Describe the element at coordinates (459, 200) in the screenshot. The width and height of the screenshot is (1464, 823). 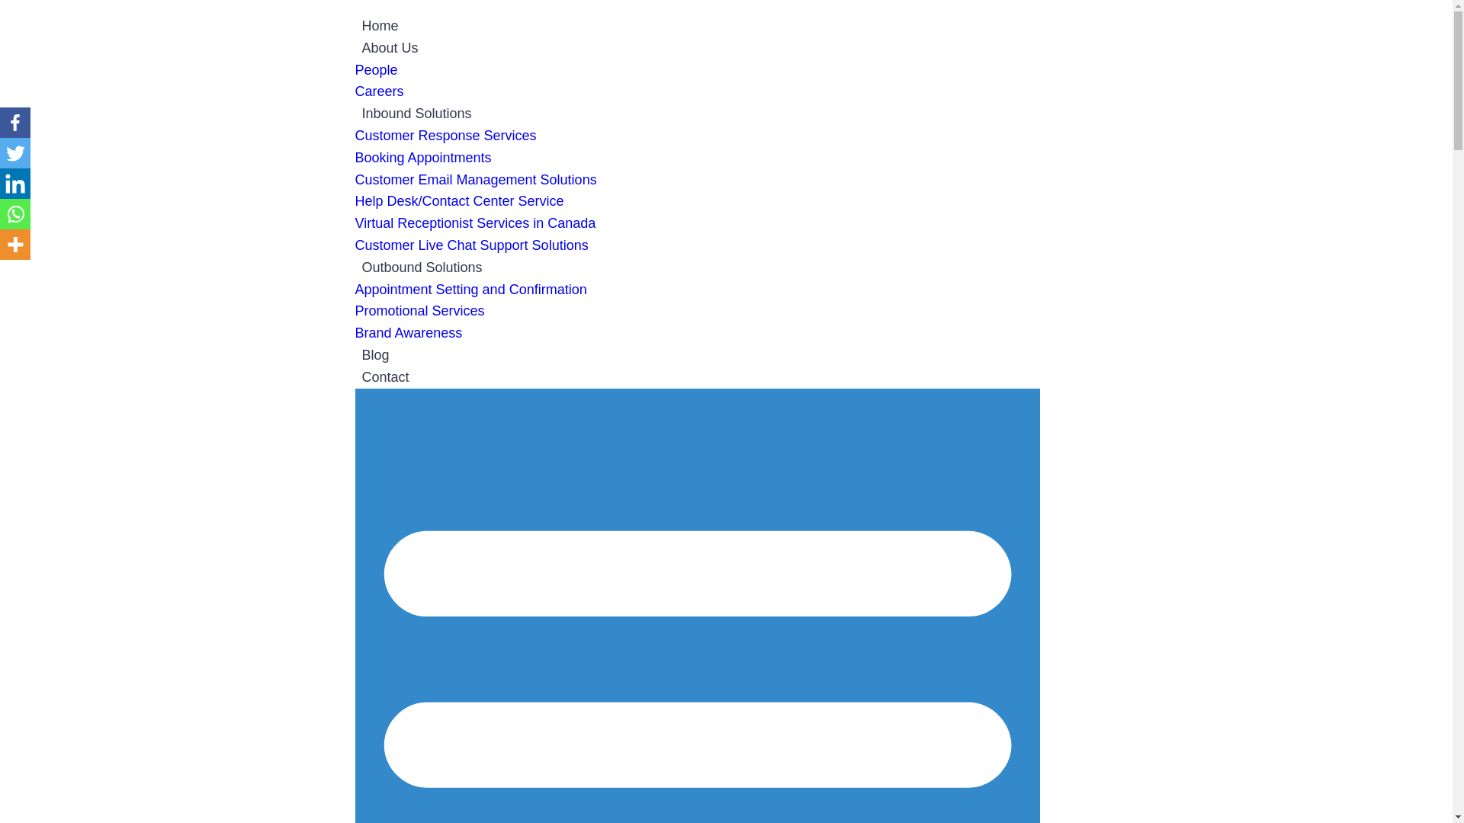
I see `'Help Desk/Contact Center Service'` at that location.